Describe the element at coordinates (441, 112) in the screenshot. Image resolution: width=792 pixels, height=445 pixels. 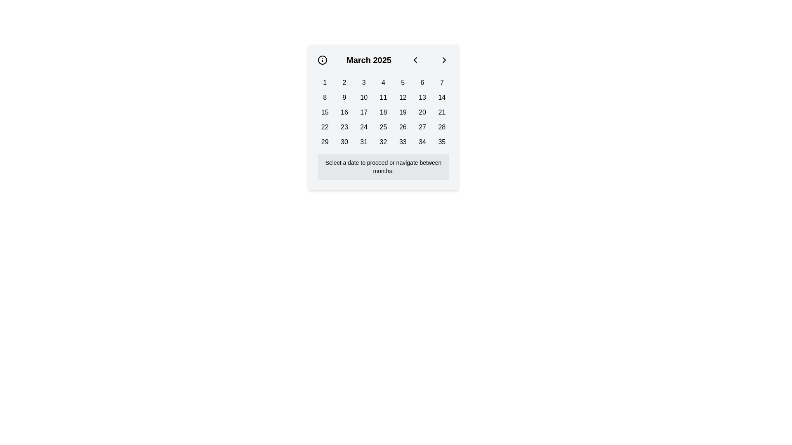
I see `the button displaying '21' in bold black text` at that location.